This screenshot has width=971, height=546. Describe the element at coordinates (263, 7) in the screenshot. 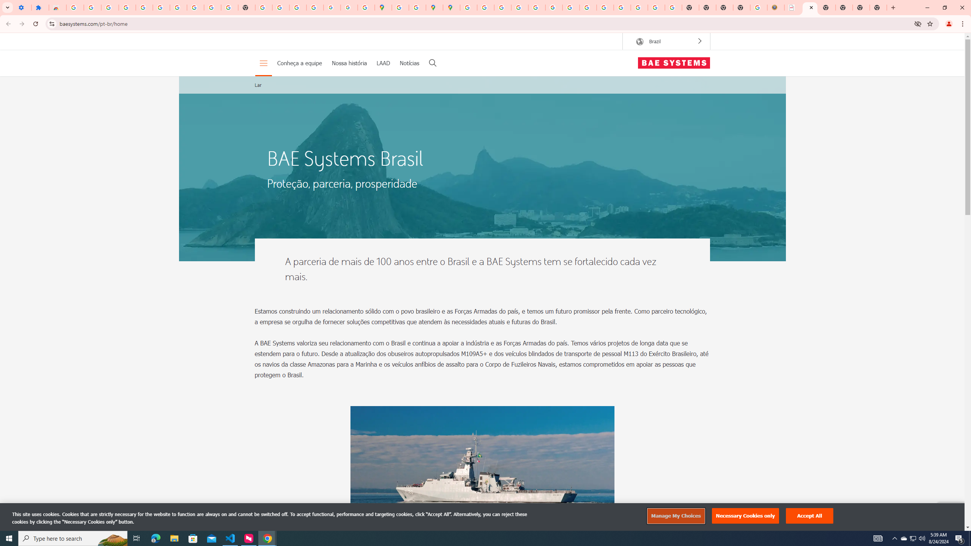

I see `'https://scholar.google.com/'` at that location.